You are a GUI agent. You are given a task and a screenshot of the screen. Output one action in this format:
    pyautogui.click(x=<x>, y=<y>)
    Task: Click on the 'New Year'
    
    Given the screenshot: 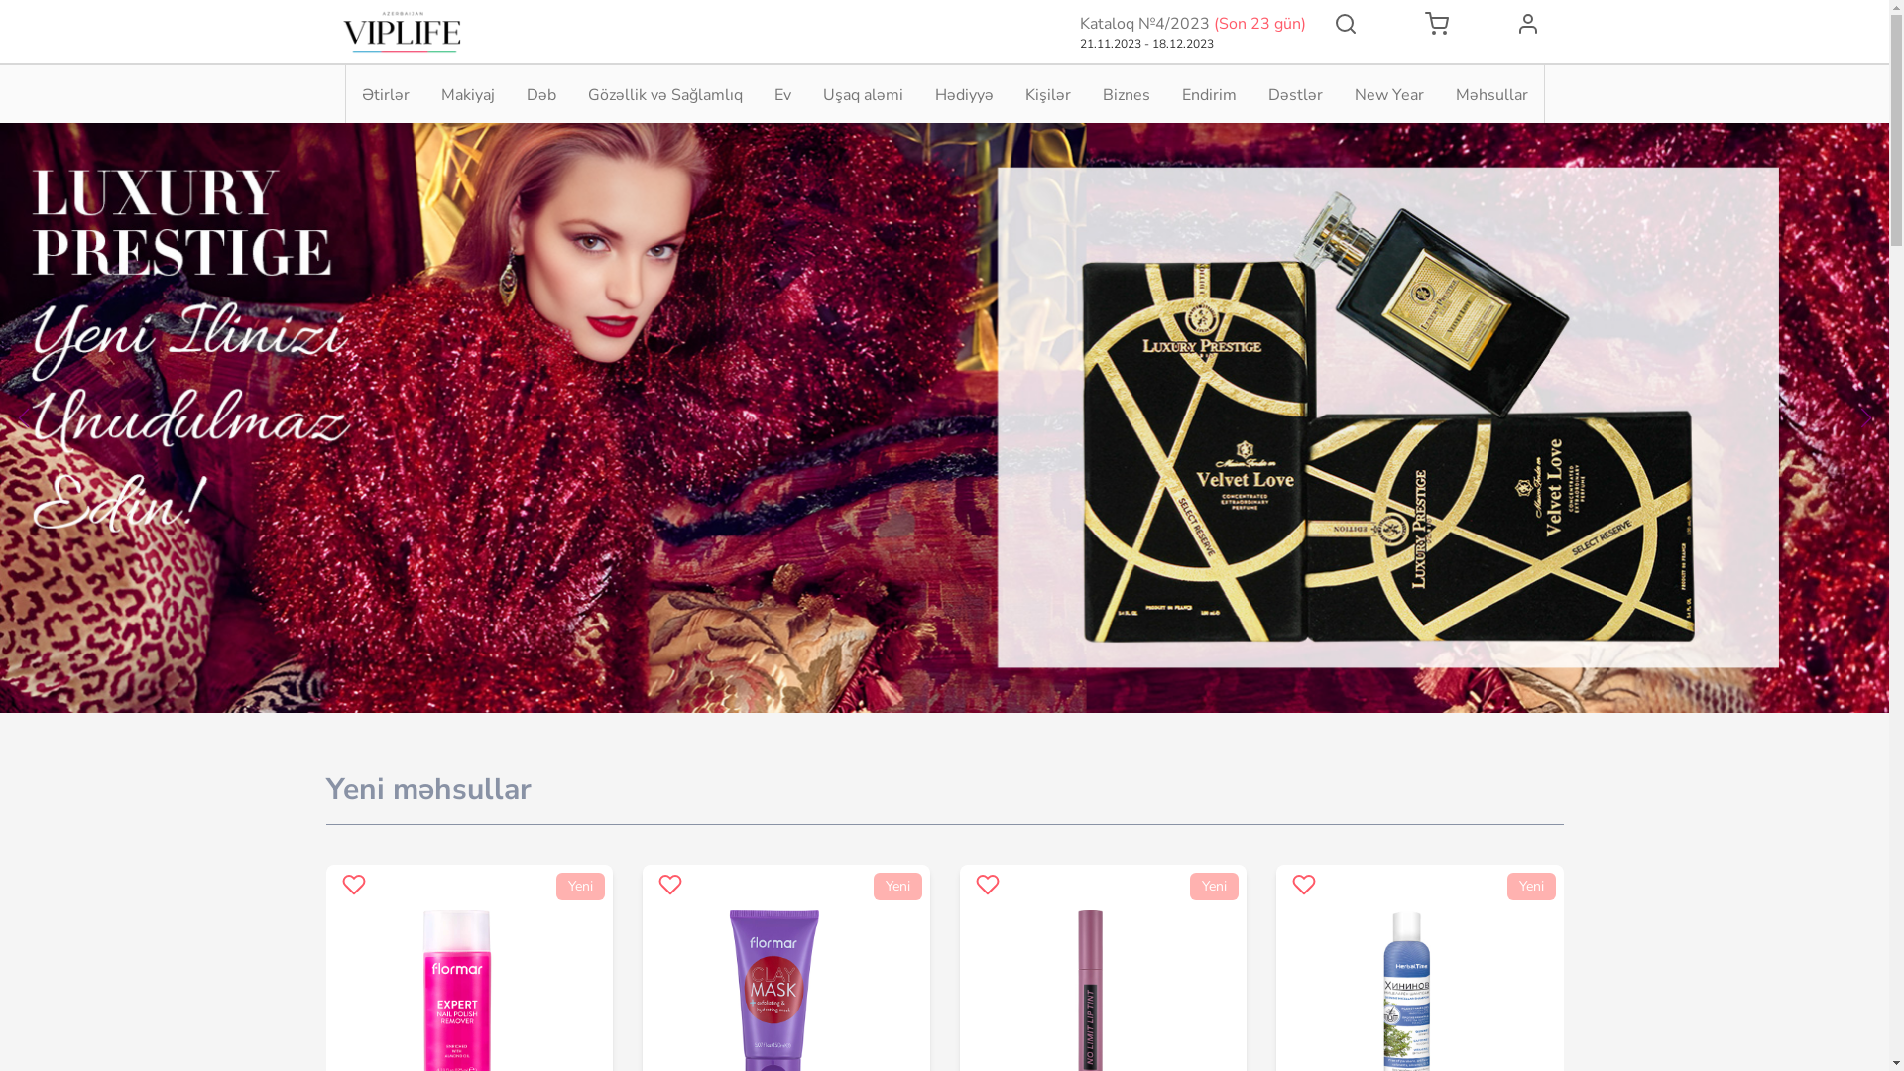 What is the action you would take?
    pyautogui.click(x=1354, y=95)
    